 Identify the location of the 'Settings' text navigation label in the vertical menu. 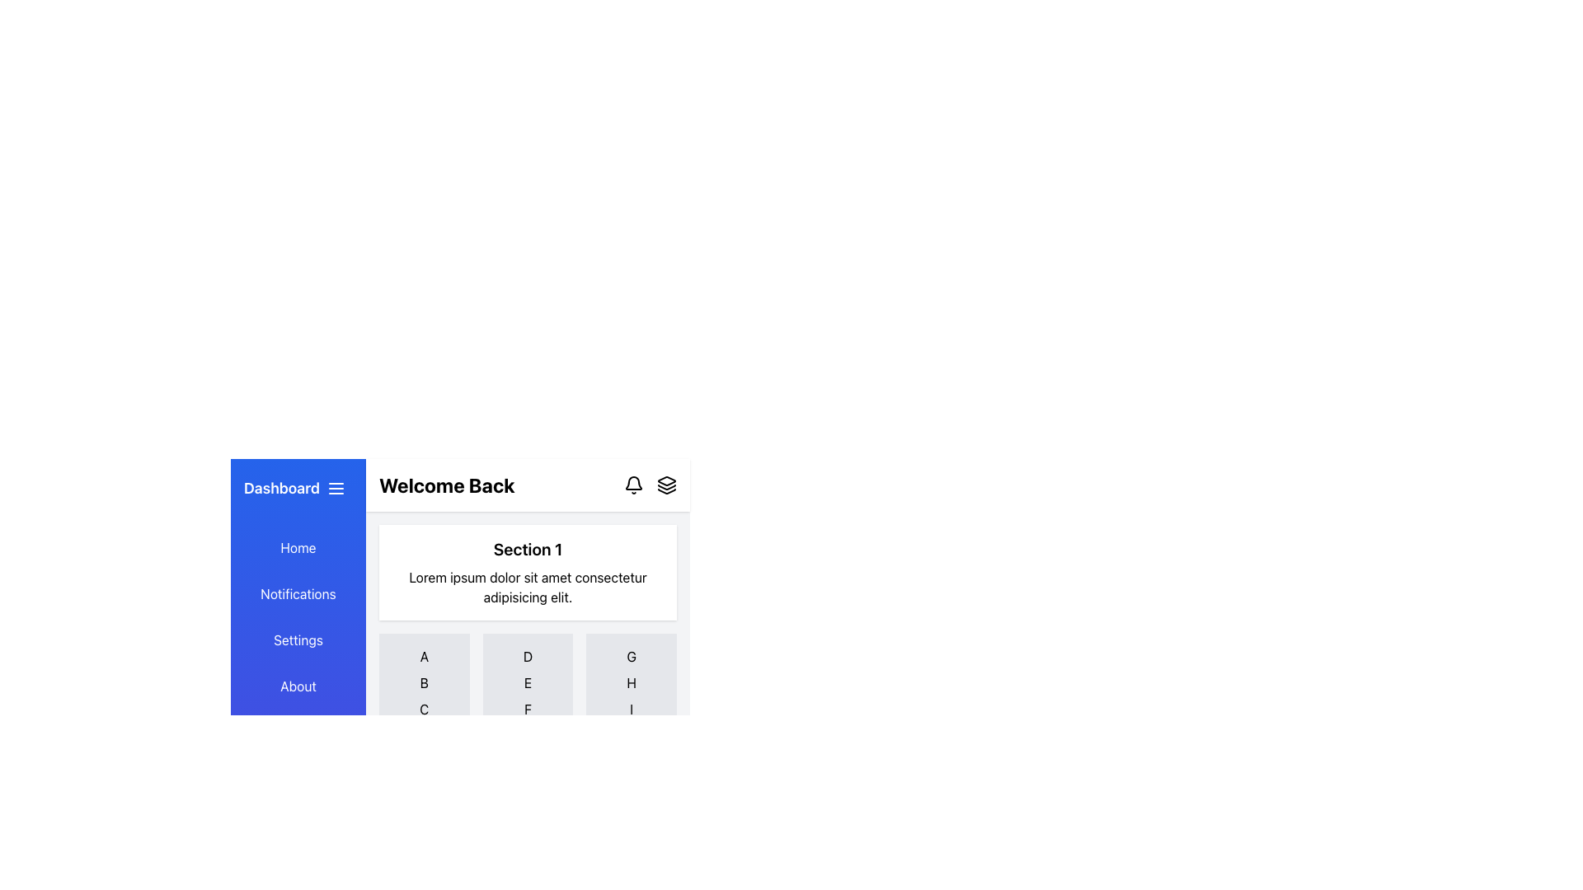
(298, 639).